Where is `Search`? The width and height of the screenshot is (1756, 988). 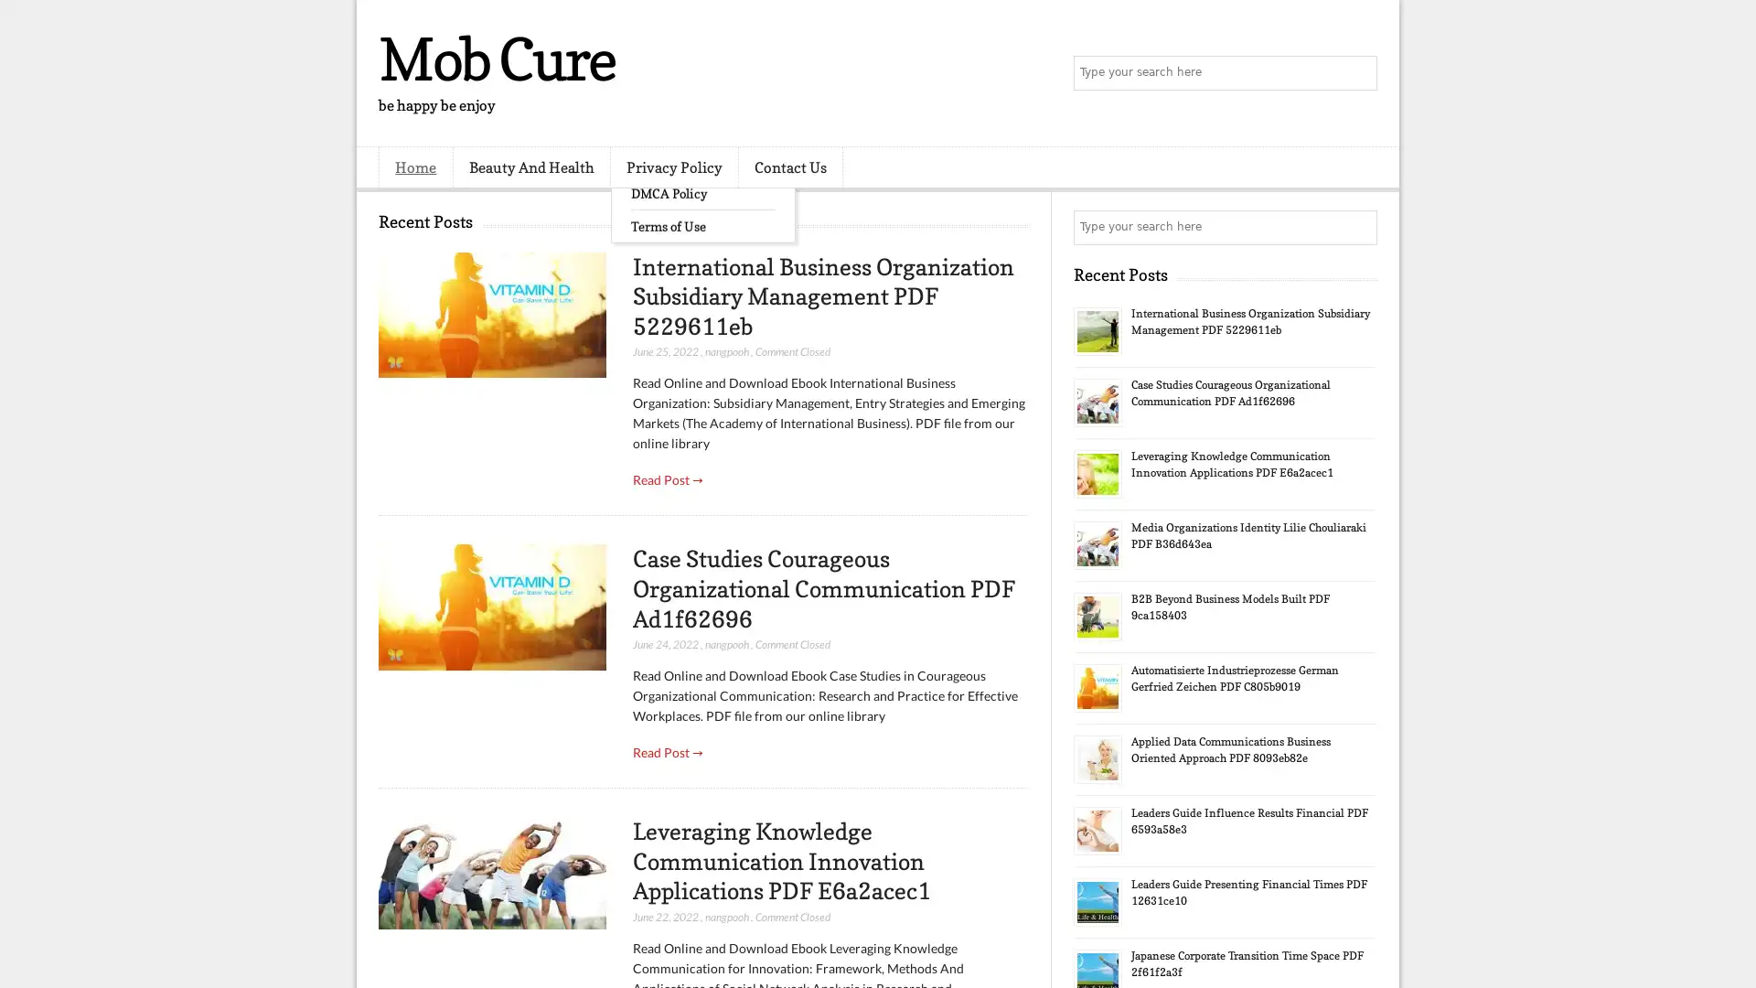 Search is located at coordinates (1358, 227).